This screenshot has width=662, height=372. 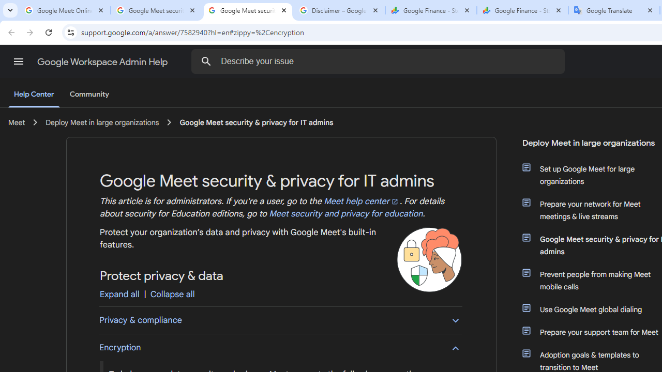 What do you see at coordinates (103, 61) in the screenshot?
I see `'Google Workspace Admin Help'` at bounding box center [103, 61].